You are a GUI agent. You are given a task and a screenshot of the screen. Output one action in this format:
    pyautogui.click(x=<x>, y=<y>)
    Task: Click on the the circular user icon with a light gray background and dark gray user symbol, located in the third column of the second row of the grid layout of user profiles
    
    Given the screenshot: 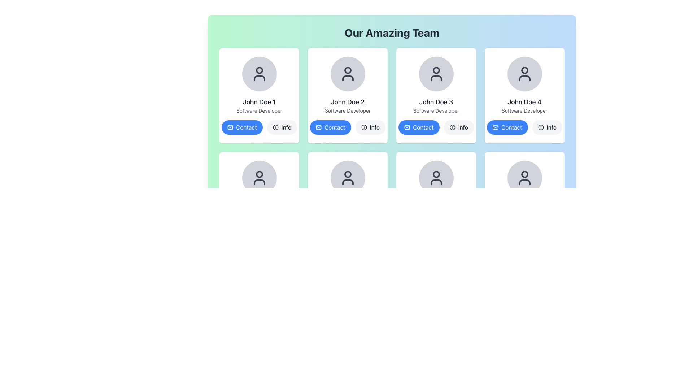 What is the action you would take?
    pyautogui.click(x=348, y=178)
    